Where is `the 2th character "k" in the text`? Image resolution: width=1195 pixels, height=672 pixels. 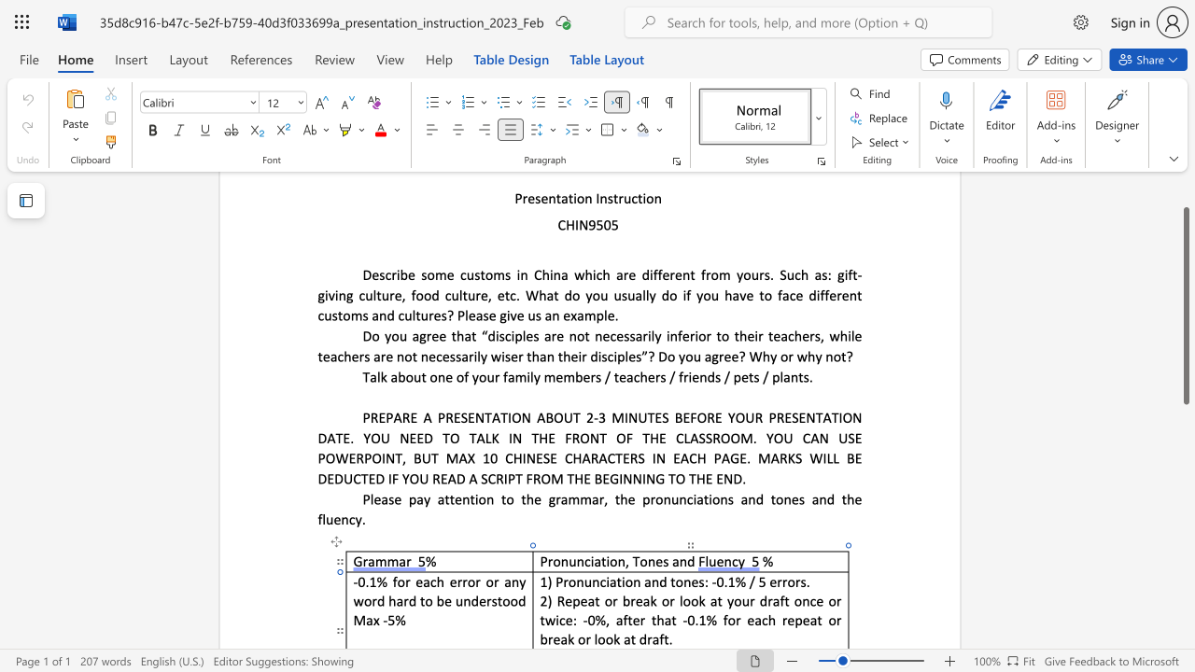 the 2th character "k" in the text is located at coordinates (701, 601).